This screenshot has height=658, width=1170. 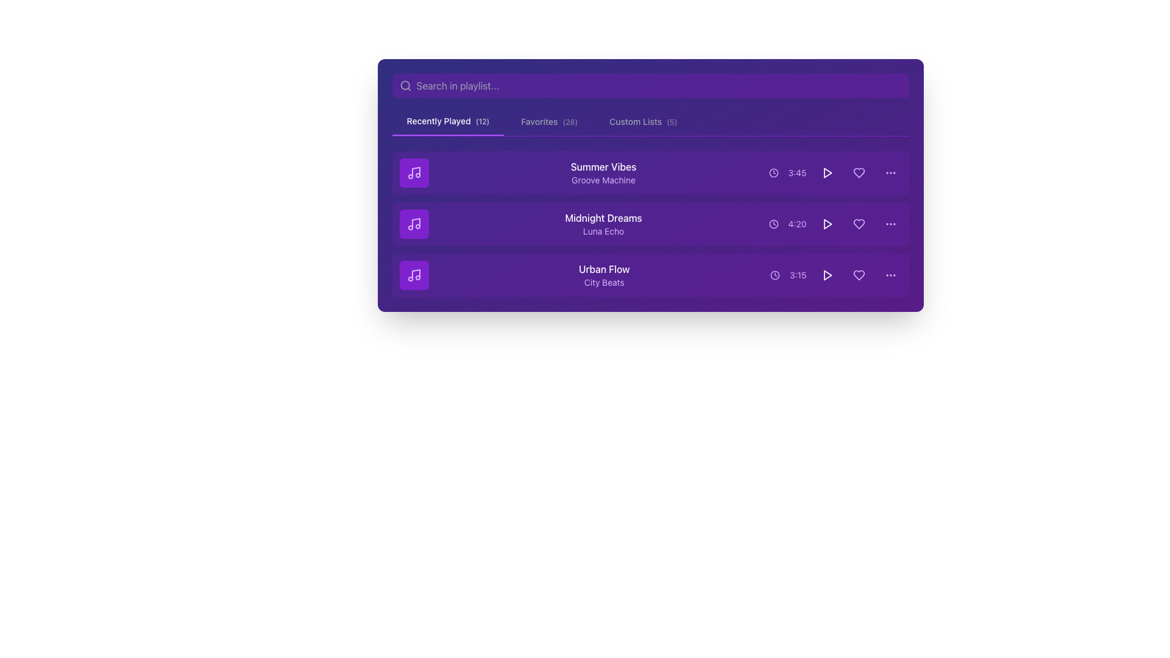 What do you see at coordinates (447, 122) in the screenshot?
I see `the 'Recently Played' navigation tab located in the horizontal navigation bar at the top of the interface` at bounding box center [447, 122].